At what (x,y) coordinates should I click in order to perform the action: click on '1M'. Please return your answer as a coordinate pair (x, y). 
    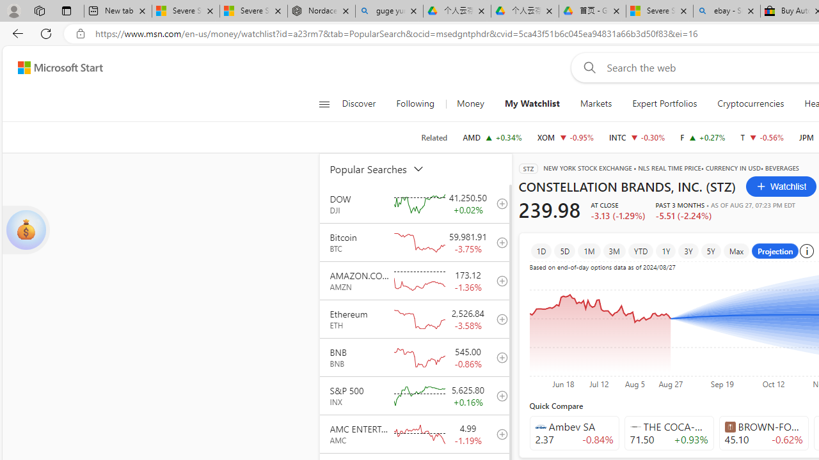
    Looking at the image, I should click on (588, 250).